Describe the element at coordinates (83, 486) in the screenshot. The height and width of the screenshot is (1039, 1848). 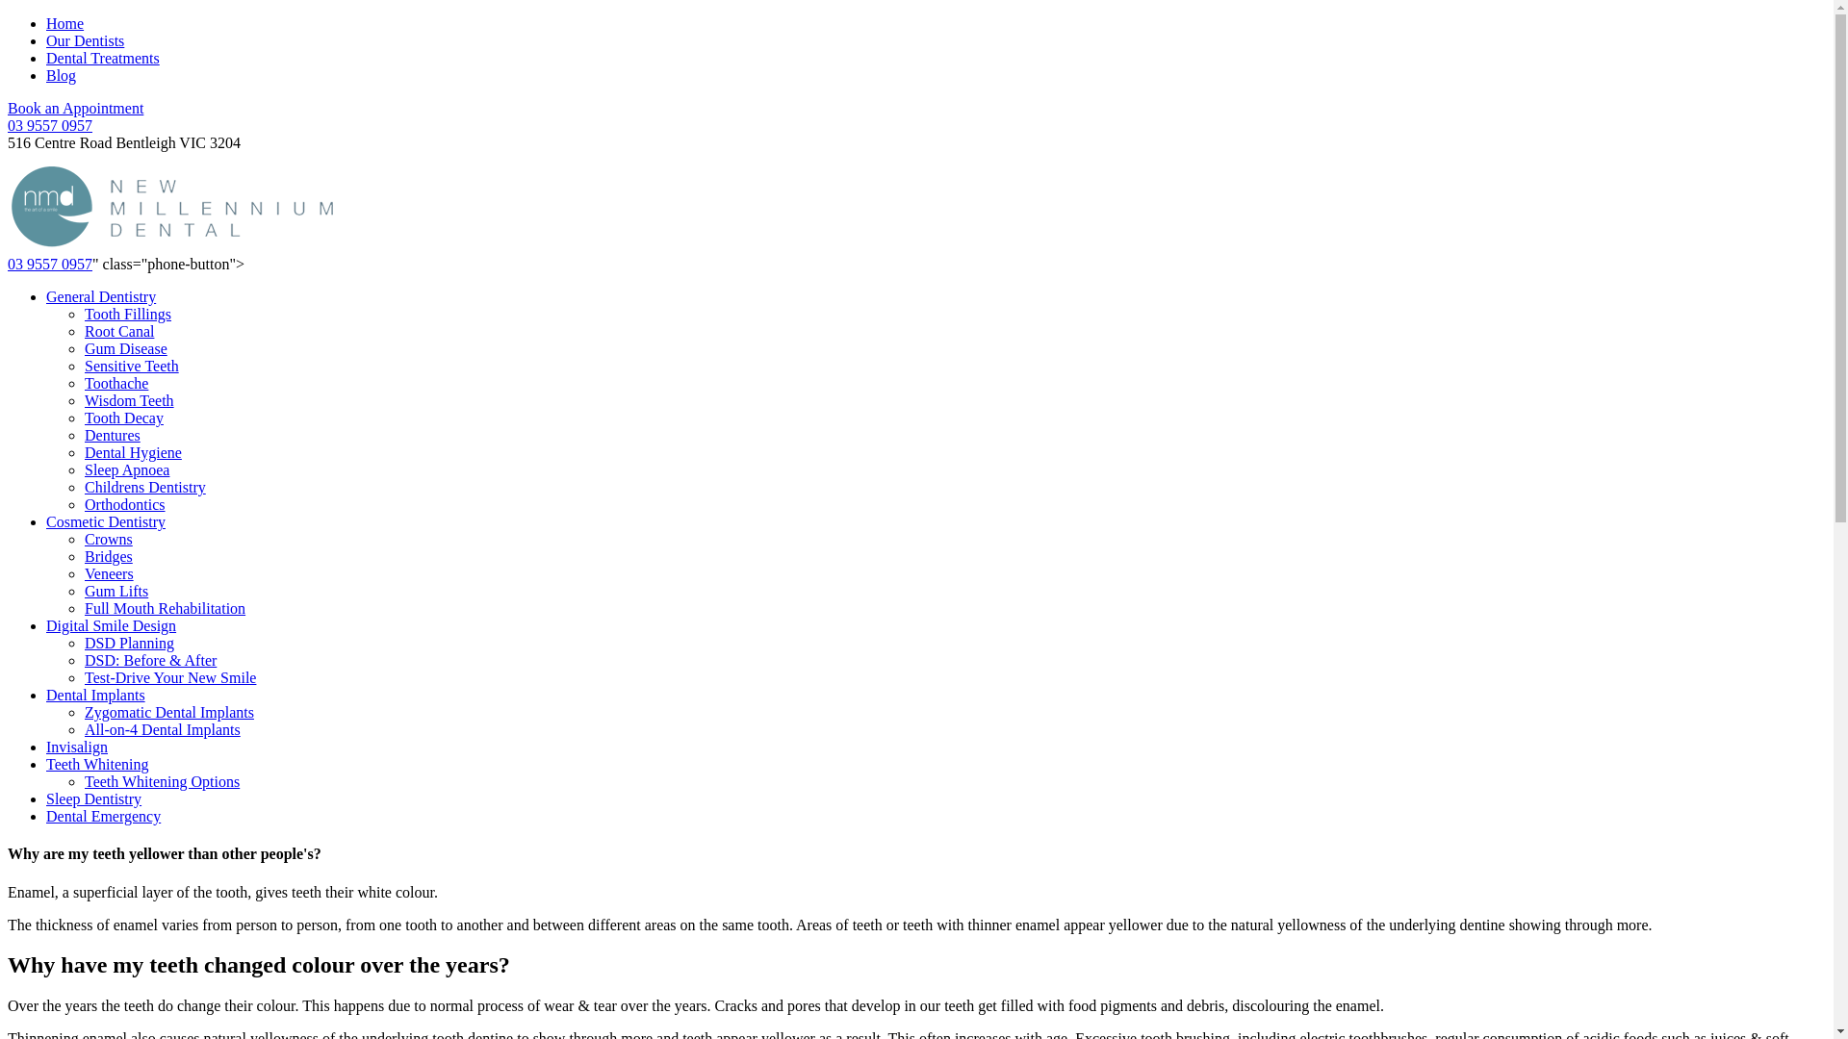
I see `'Childrens Dentistry'` at that location.